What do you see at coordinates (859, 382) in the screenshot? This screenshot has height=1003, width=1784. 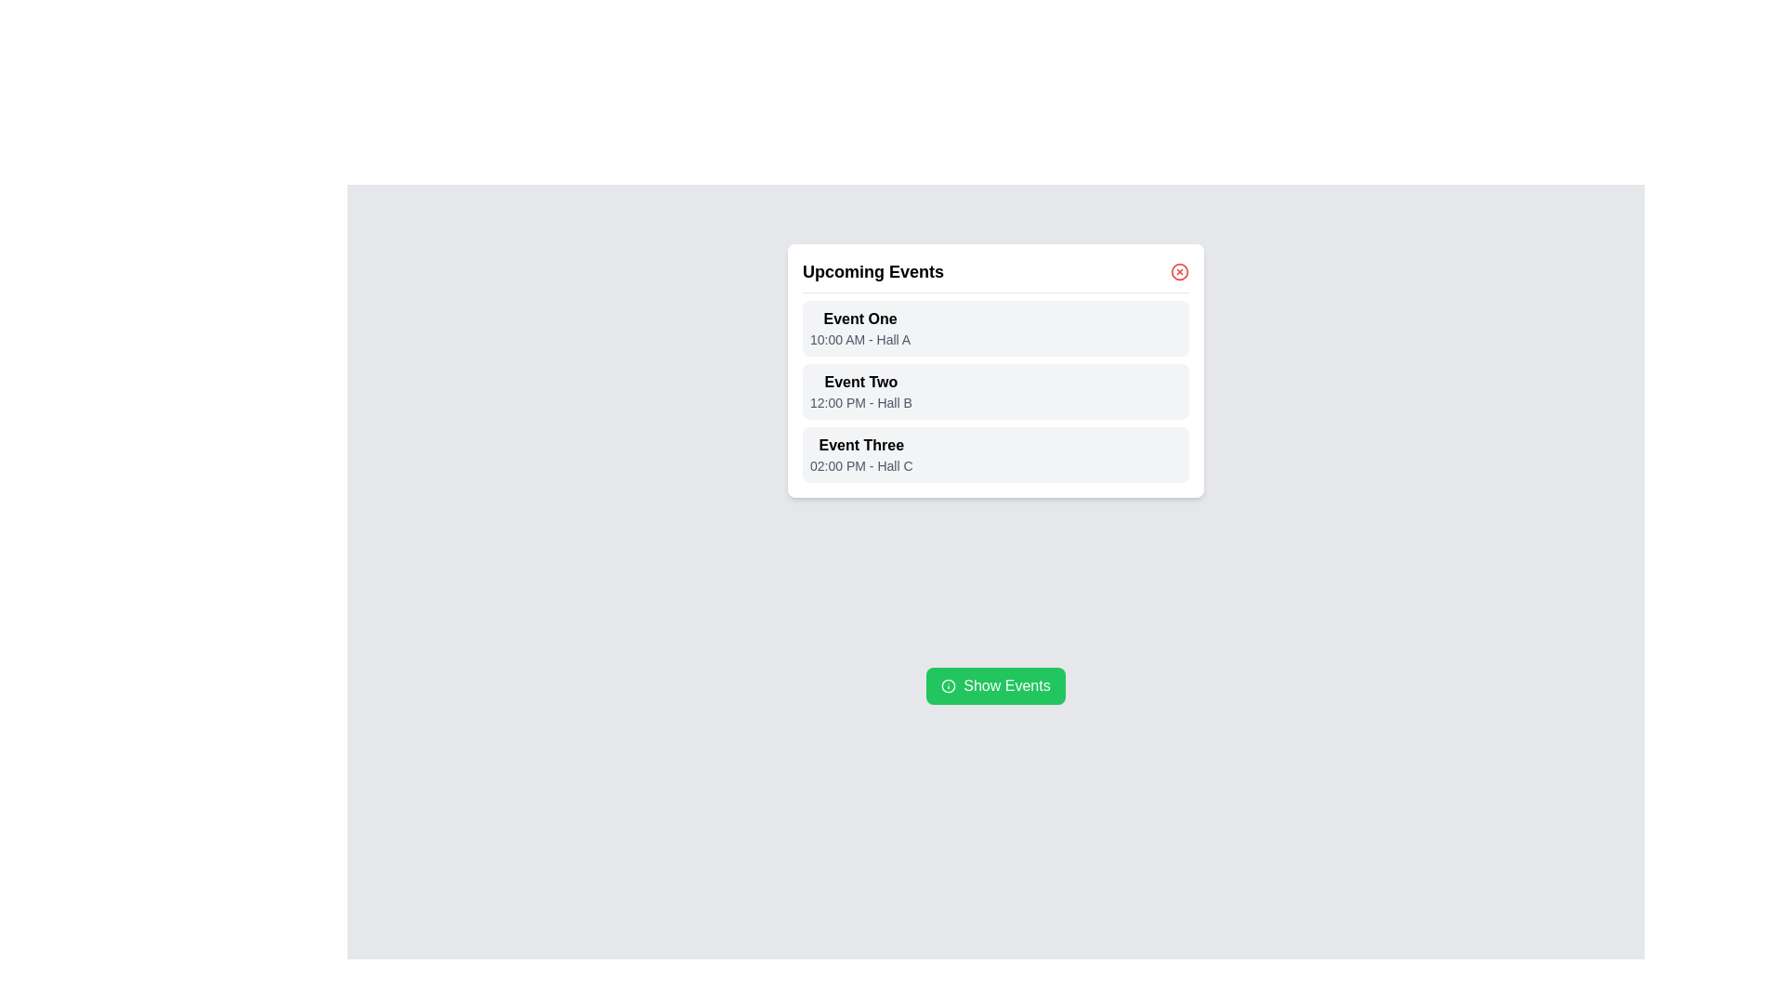 I see `the text label displaying 'Event Two', which is prominently styled and located above '12:00 PM - Hall B' in the 'Upcoming Events' dialog box` at bounding box center [859, 382].